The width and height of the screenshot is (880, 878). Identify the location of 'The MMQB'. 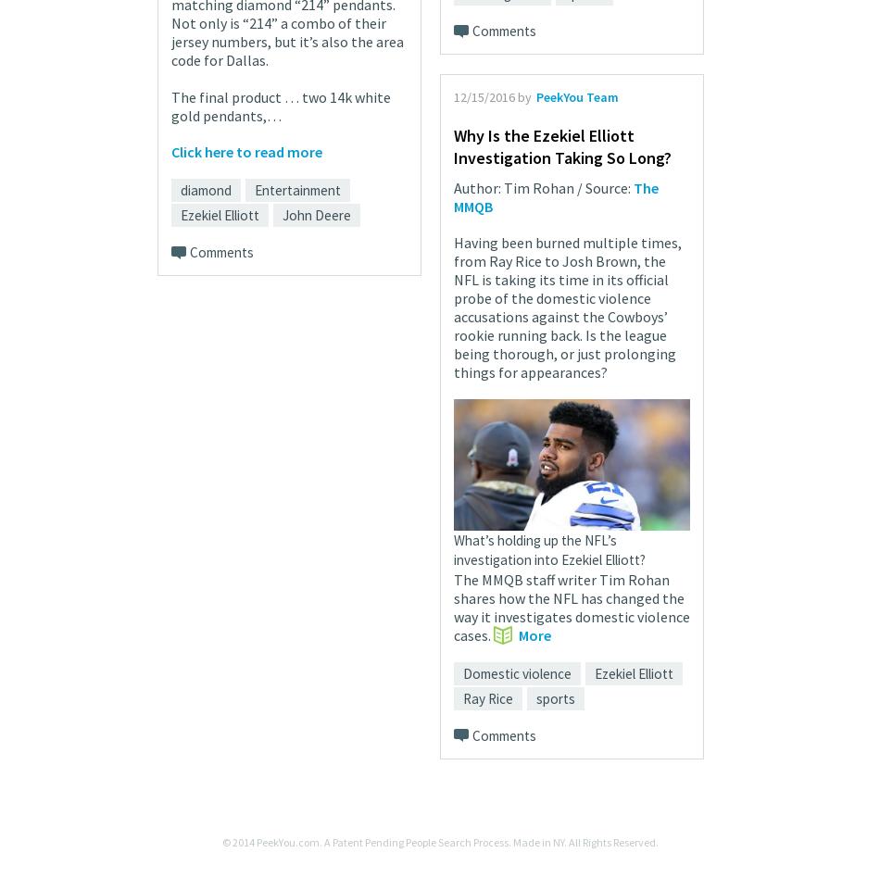
(556, 194).